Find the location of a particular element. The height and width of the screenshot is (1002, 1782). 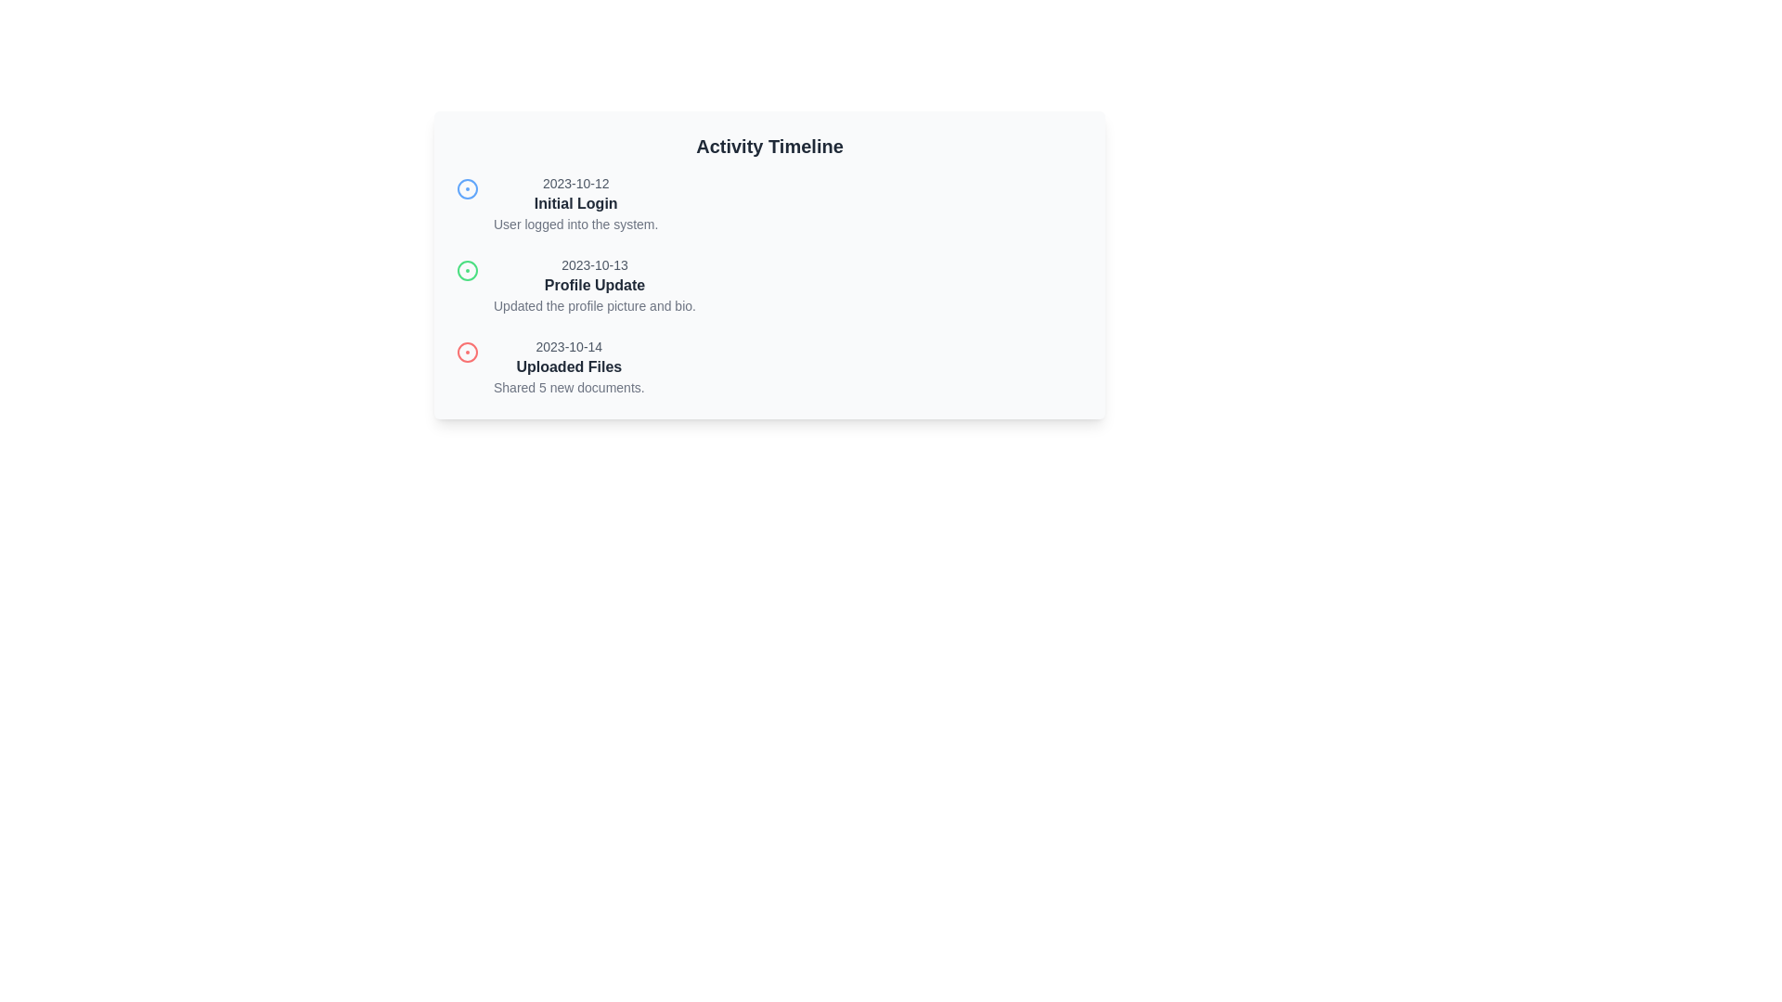

the 'Profile Update' text element, which is styled with medium-sized, bold, dark gray font and located in the activity timeline panel under the '2023-10-13' date entry is located at coordinates (594, 286).